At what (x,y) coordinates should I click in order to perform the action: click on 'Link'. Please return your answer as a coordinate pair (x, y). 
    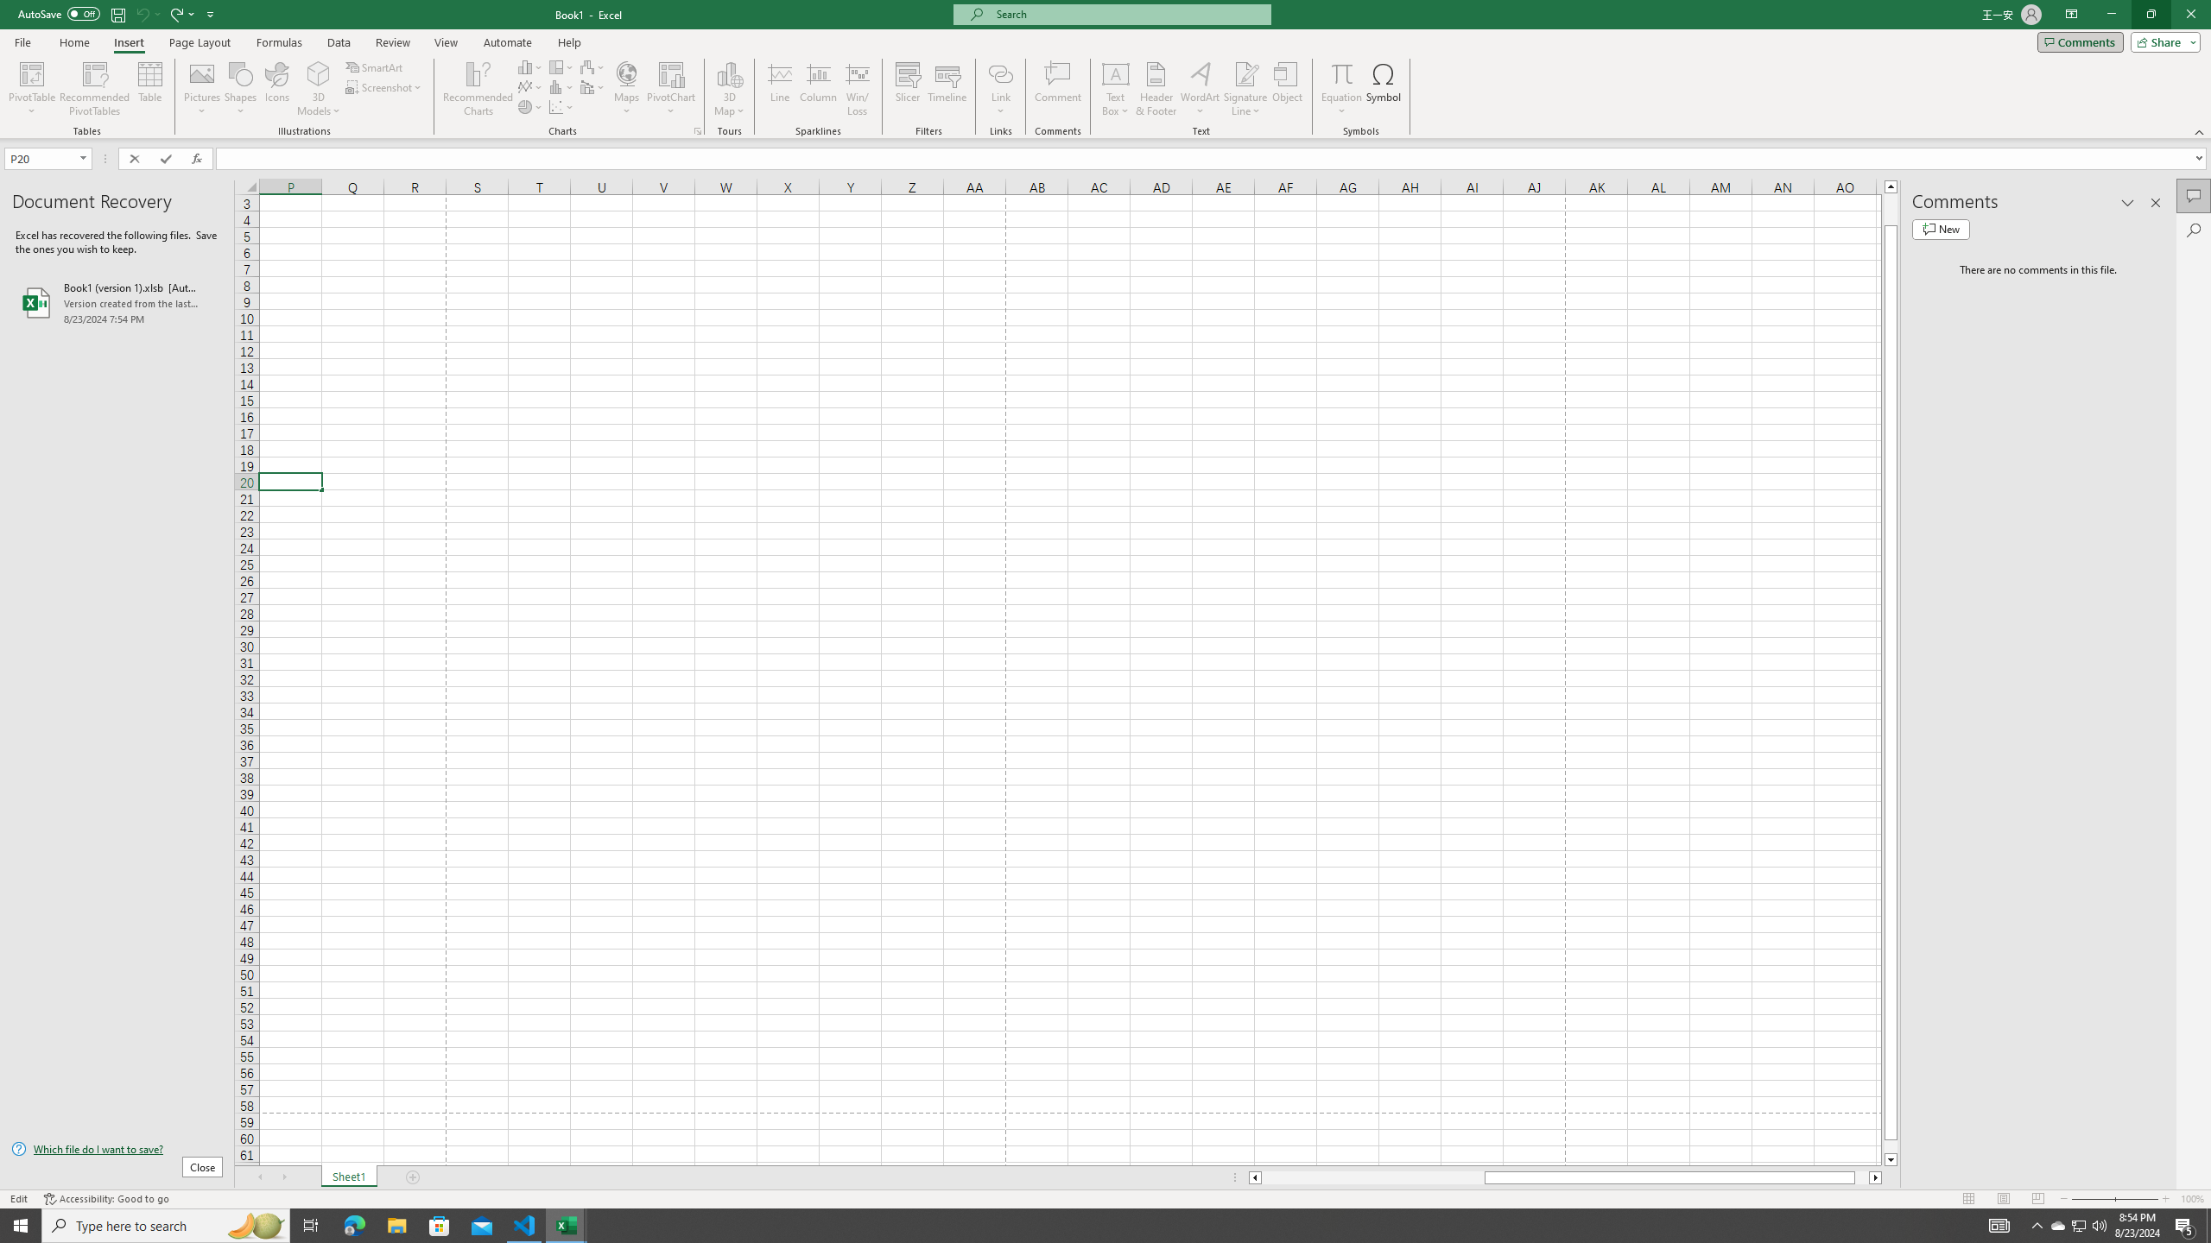
    Looking at the image, I should click on (1000, 73).